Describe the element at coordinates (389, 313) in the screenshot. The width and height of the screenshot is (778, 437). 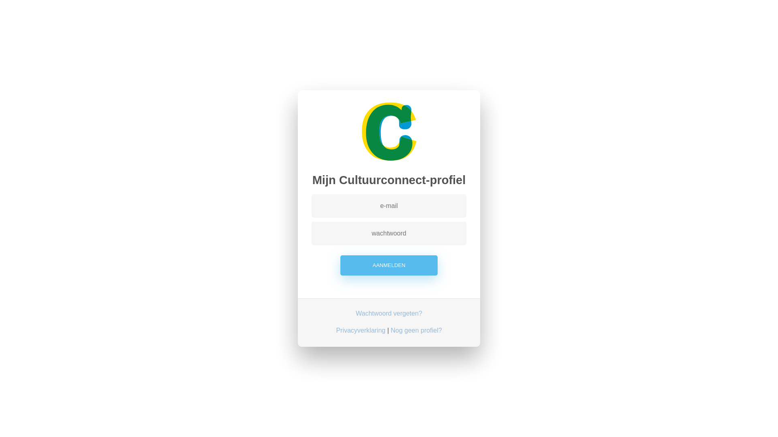
I see `'Wachtwoord vergeten?'` at that location.